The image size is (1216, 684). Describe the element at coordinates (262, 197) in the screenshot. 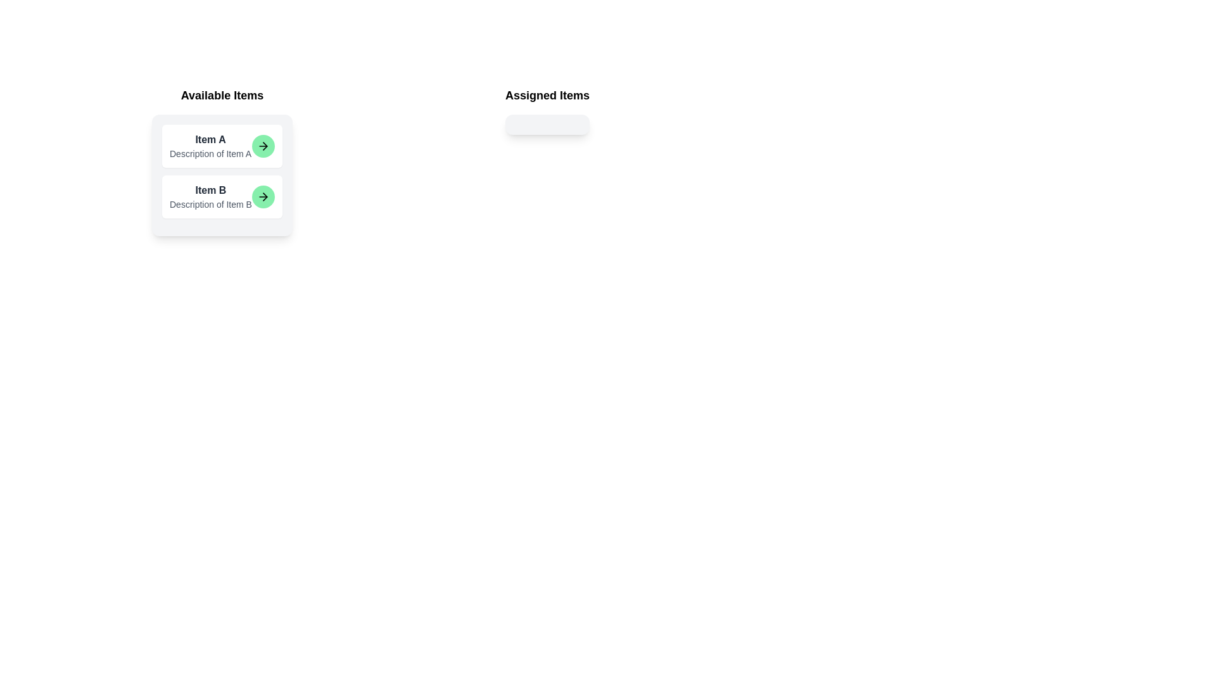

I see `move button next to the item Item B in the Available Items list` at that location.